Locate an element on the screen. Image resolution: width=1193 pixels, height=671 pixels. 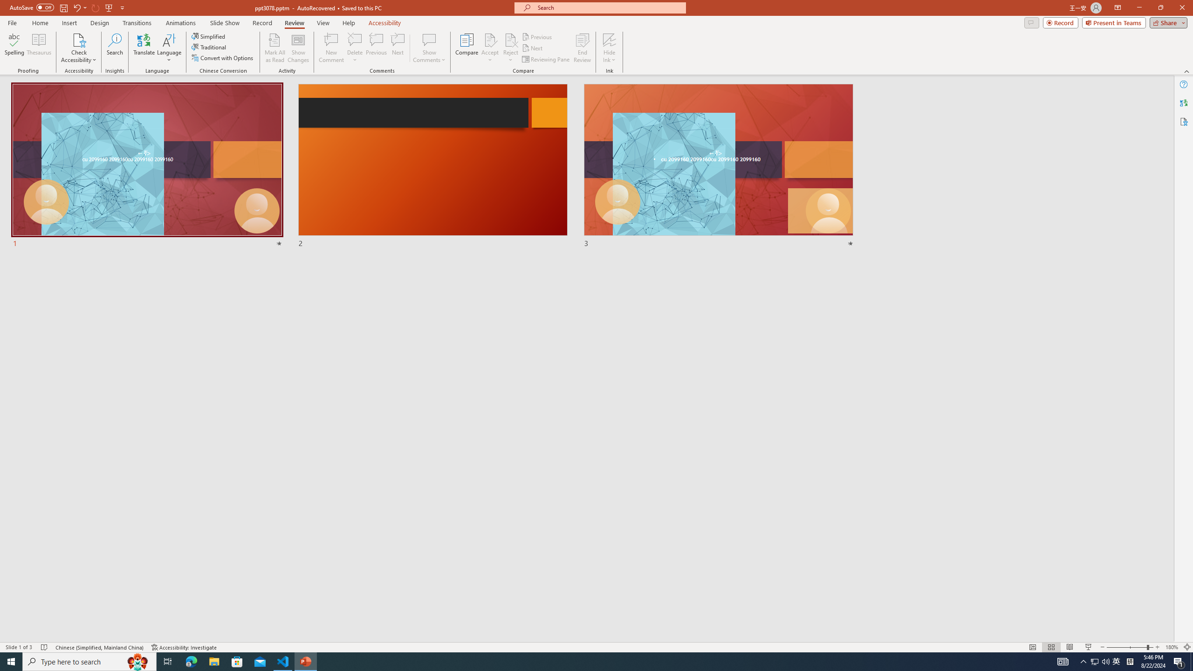
'Normal' is located at coordinates (1032, 647).